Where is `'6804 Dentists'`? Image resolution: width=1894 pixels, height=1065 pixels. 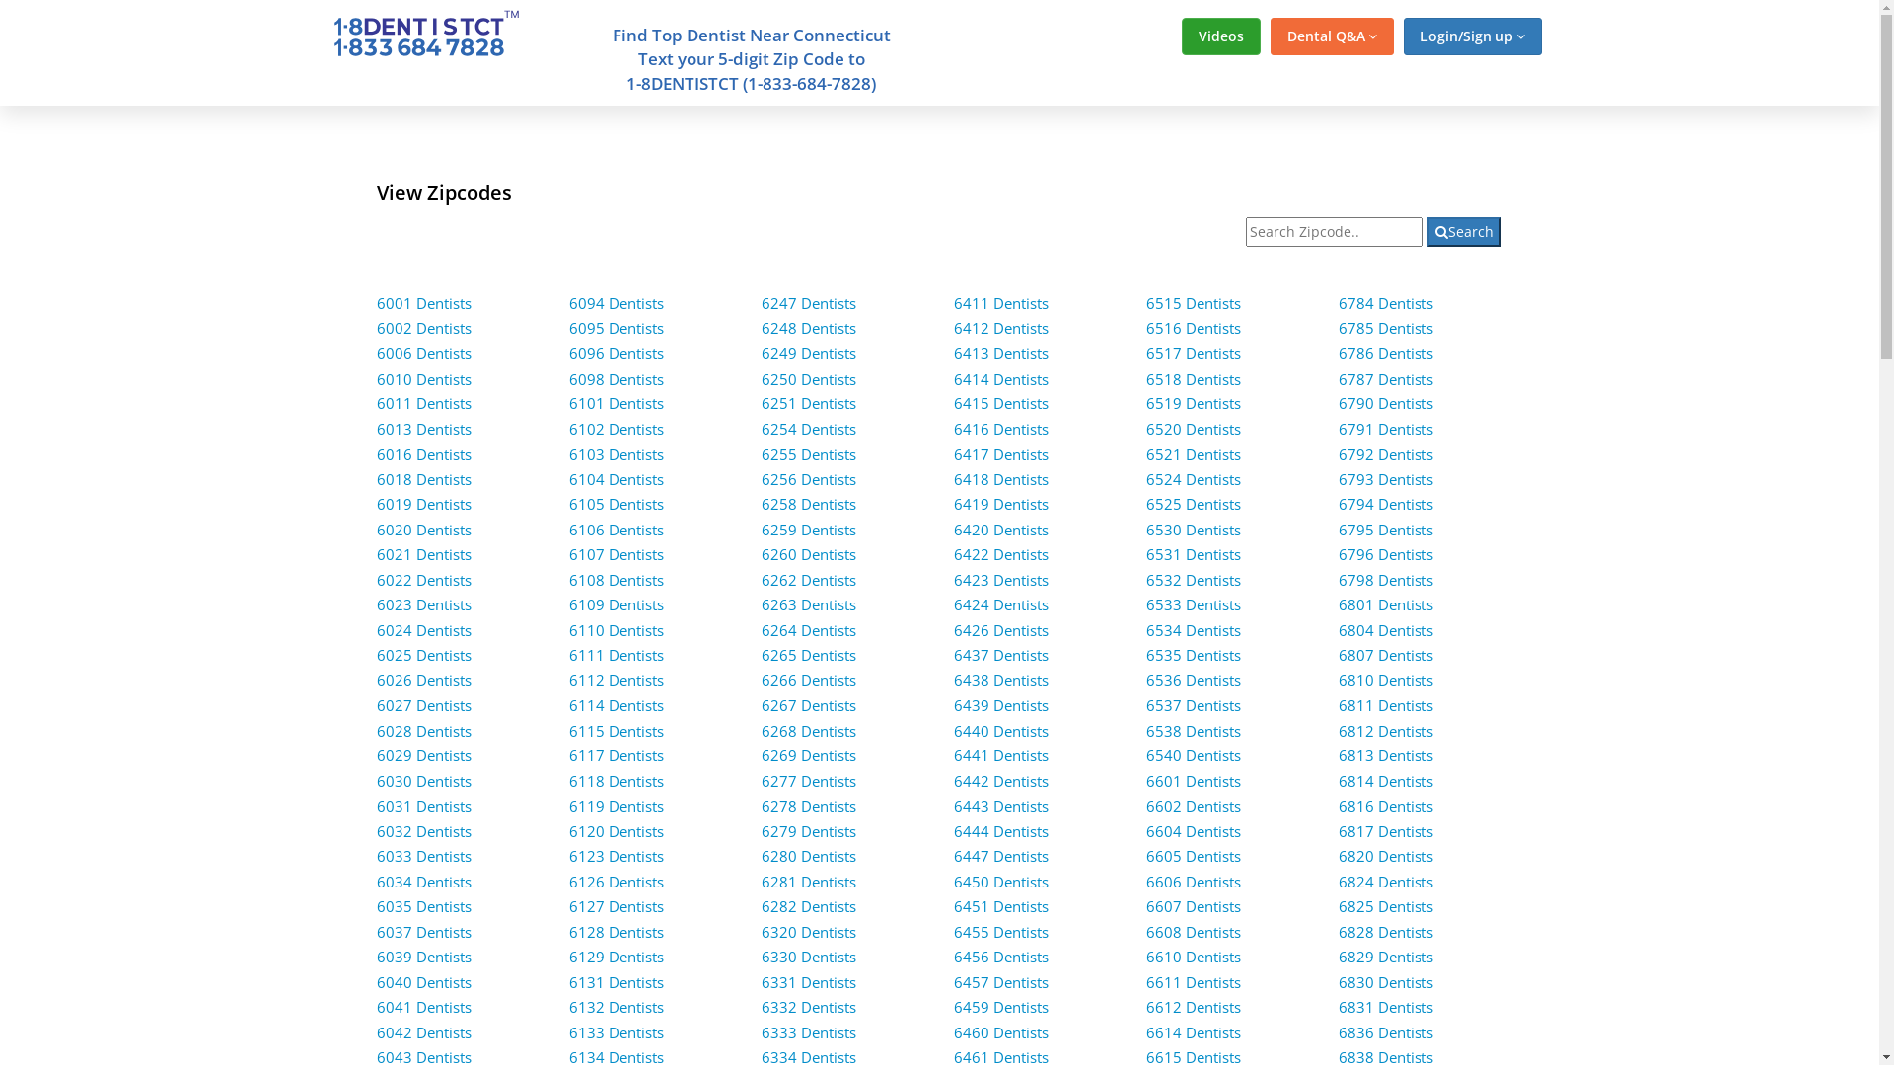
'6804 Dentists' is located at coordinates (1385, 630).